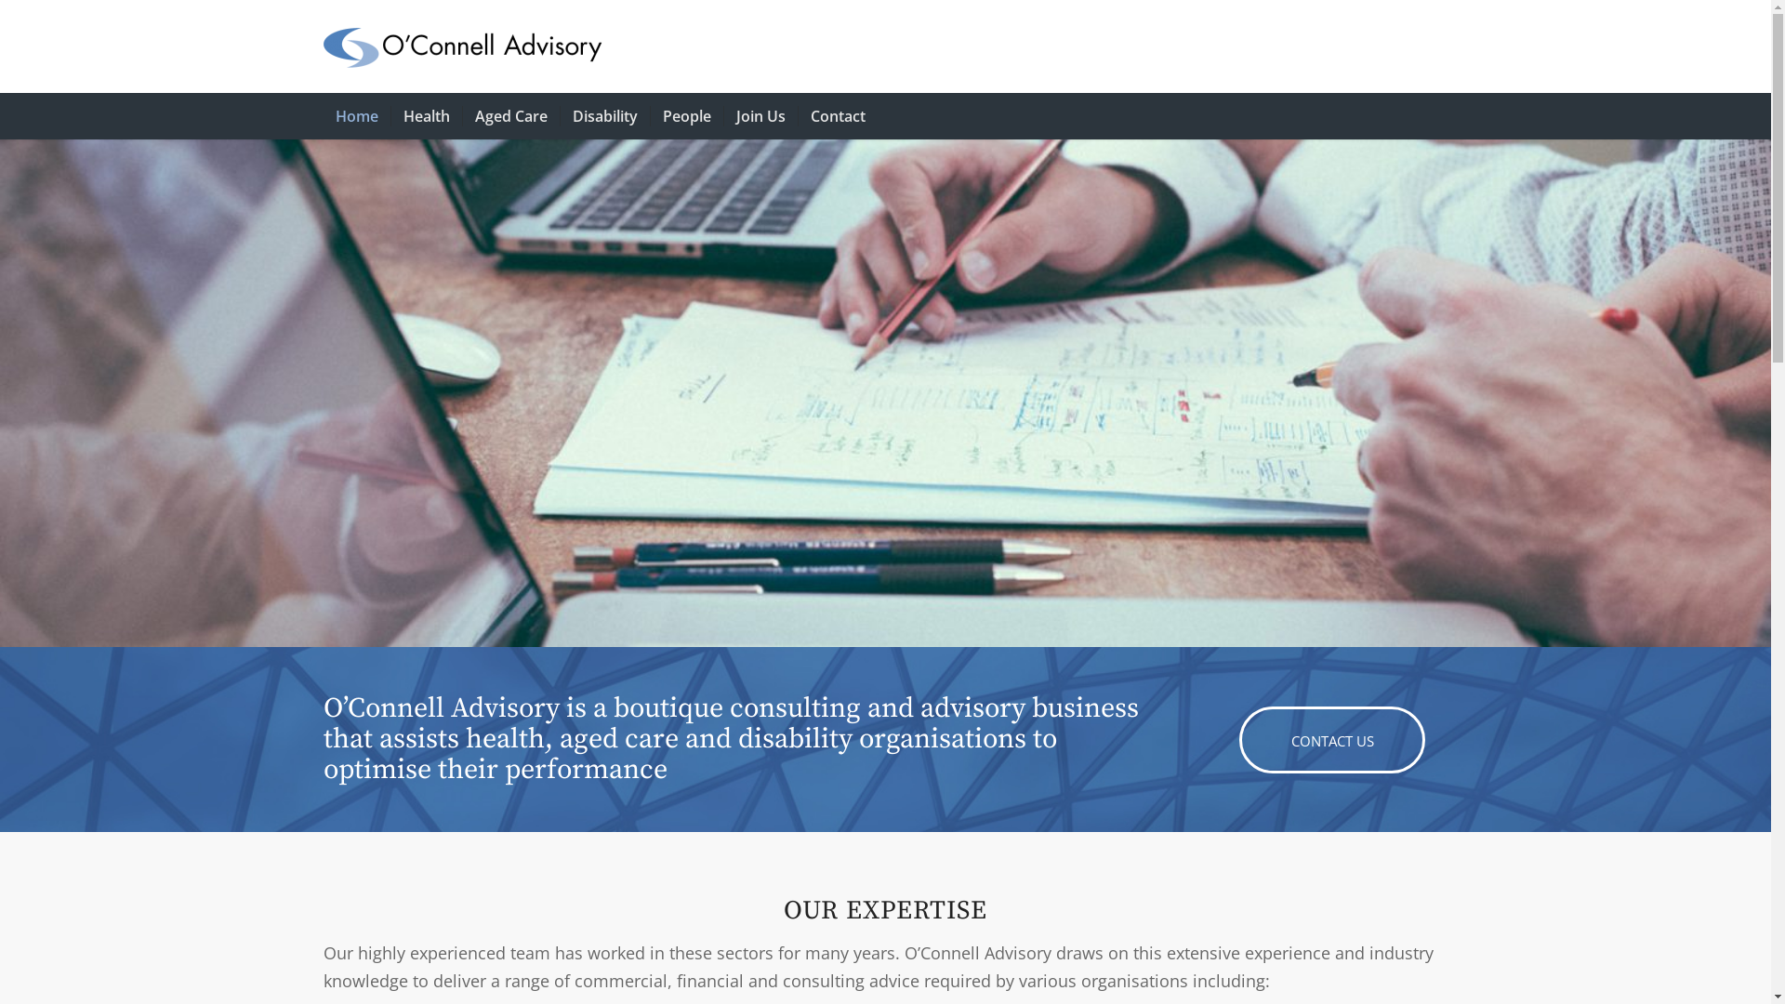  What do you see at coordinates (604, 115) in the screenshot?
I see `'Disability'` at bounding box center [604, 115].